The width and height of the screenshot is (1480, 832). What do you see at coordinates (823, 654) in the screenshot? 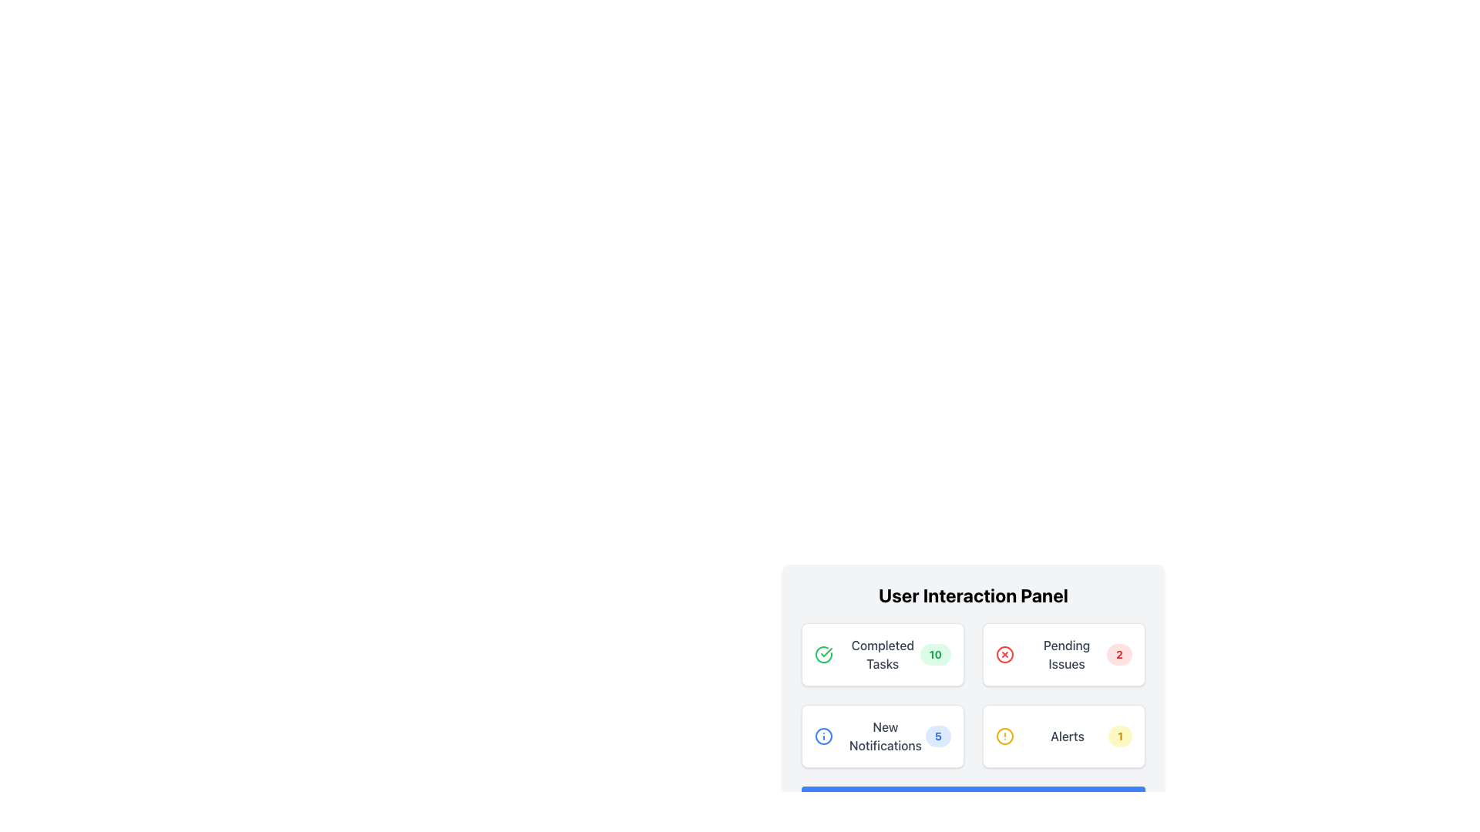
I see `the circular icon with a checkmark symbol, styled with a green border, located in the 'Completed Tasks' section as an indicator of completion` at bounding box center [823, 654].